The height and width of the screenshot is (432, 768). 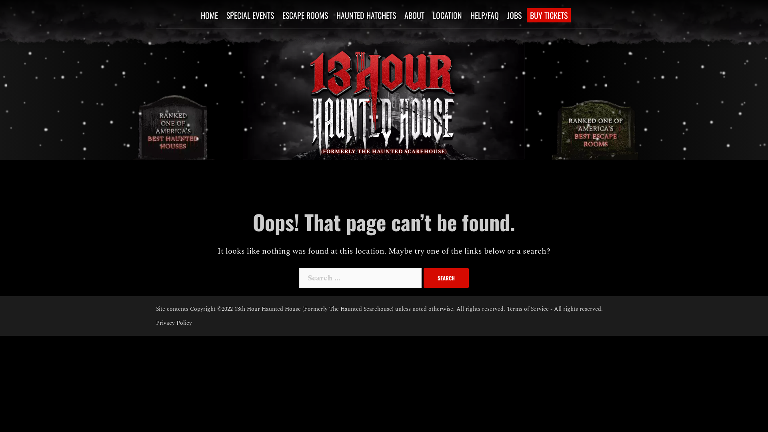 I want to click on 'LOCATION', so click(x=447, y=15).